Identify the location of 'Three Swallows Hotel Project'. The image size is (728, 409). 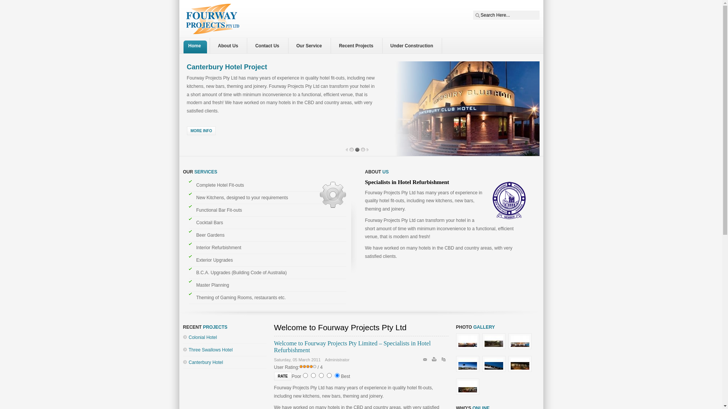
(234, 67).